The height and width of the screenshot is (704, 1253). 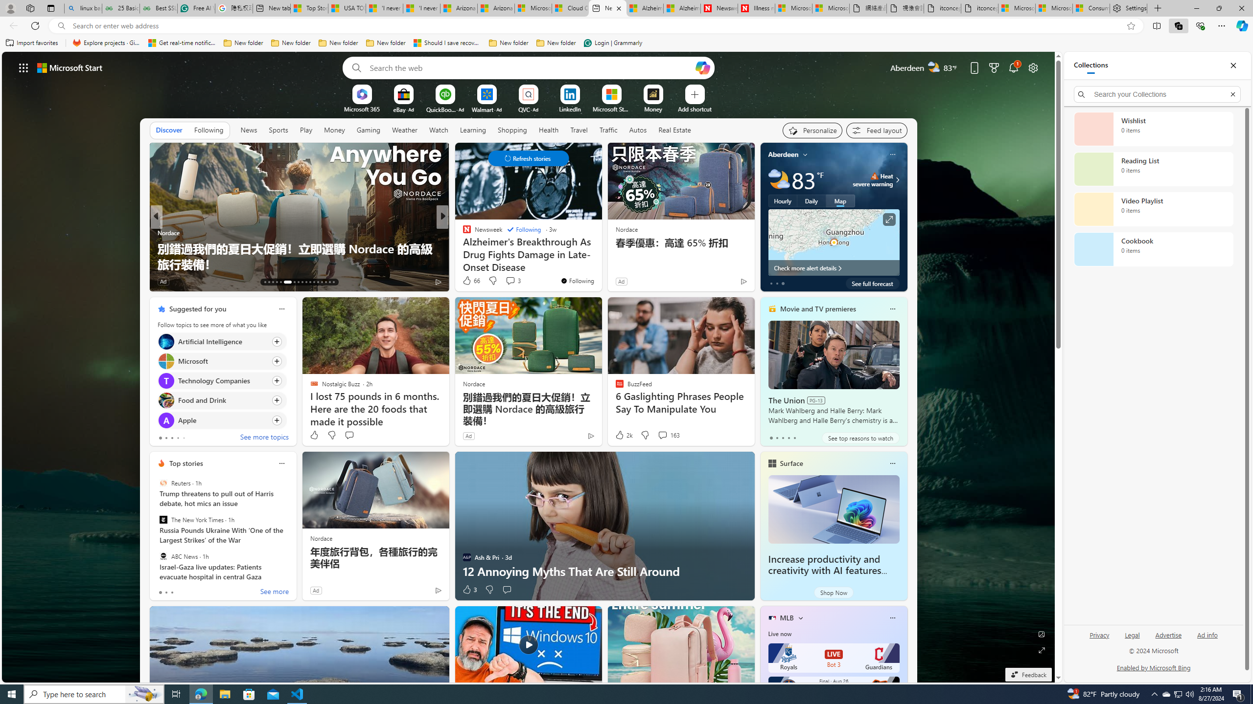 I want to click on 'The New York Times', so click(x=163, y=519).